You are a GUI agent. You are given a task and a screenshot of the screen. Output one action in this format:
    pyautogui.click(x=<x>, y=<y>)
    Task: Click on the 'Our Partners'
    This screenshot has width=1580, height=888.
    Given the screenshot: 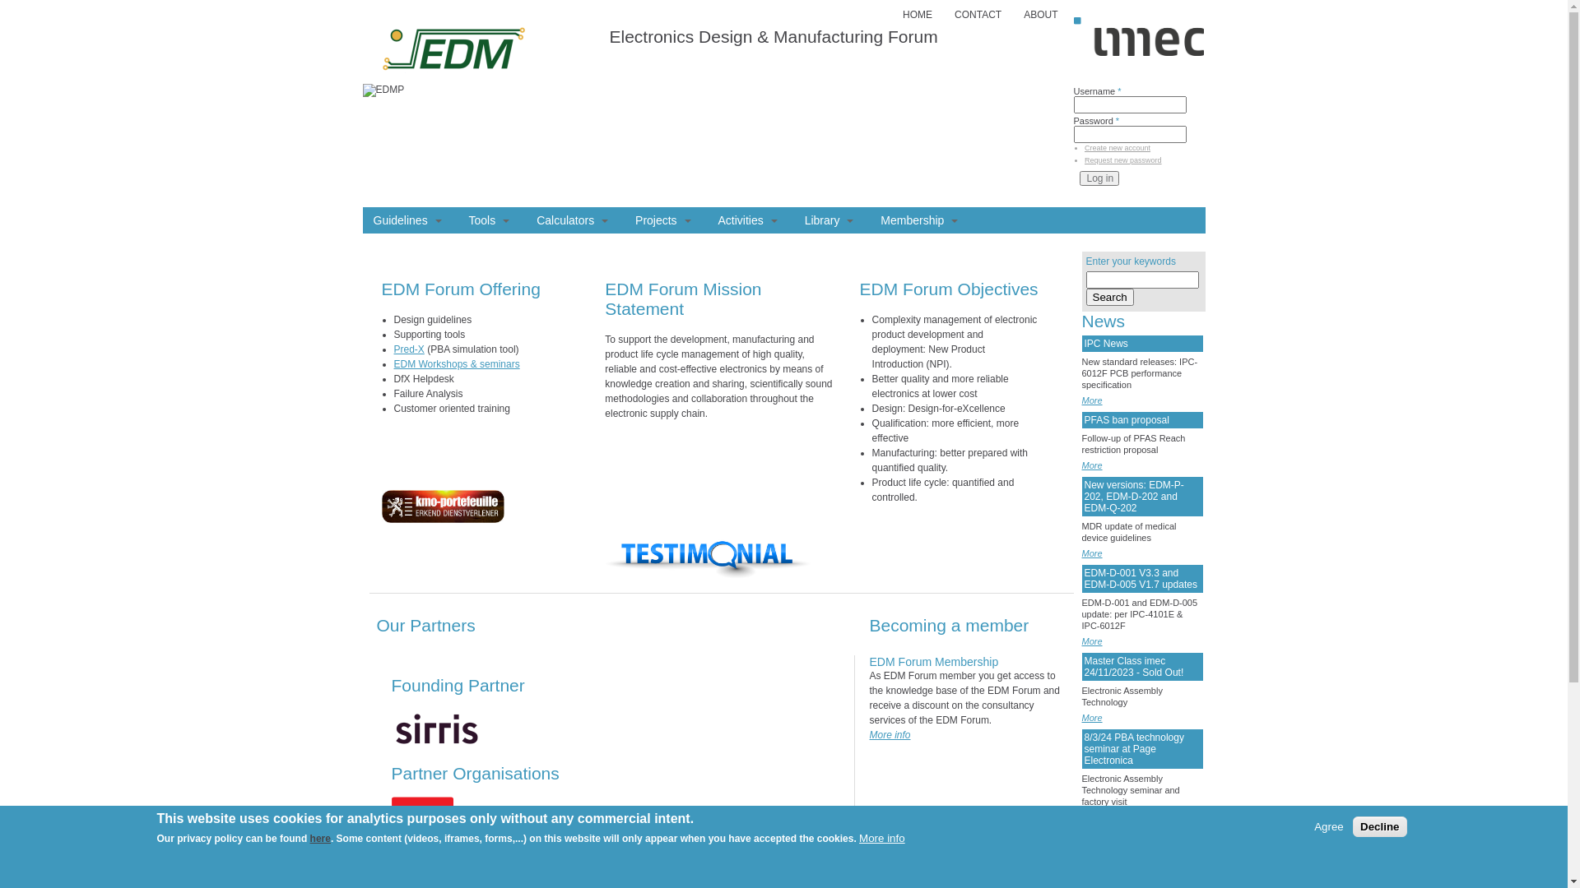 What is the action you would take?
    pyautogui.click(x=426, y=625)
    